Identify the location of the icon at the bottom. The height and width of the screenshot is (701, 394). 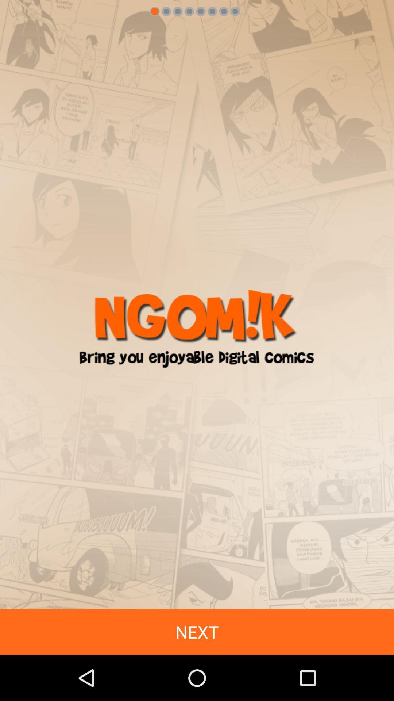
(197, 632).